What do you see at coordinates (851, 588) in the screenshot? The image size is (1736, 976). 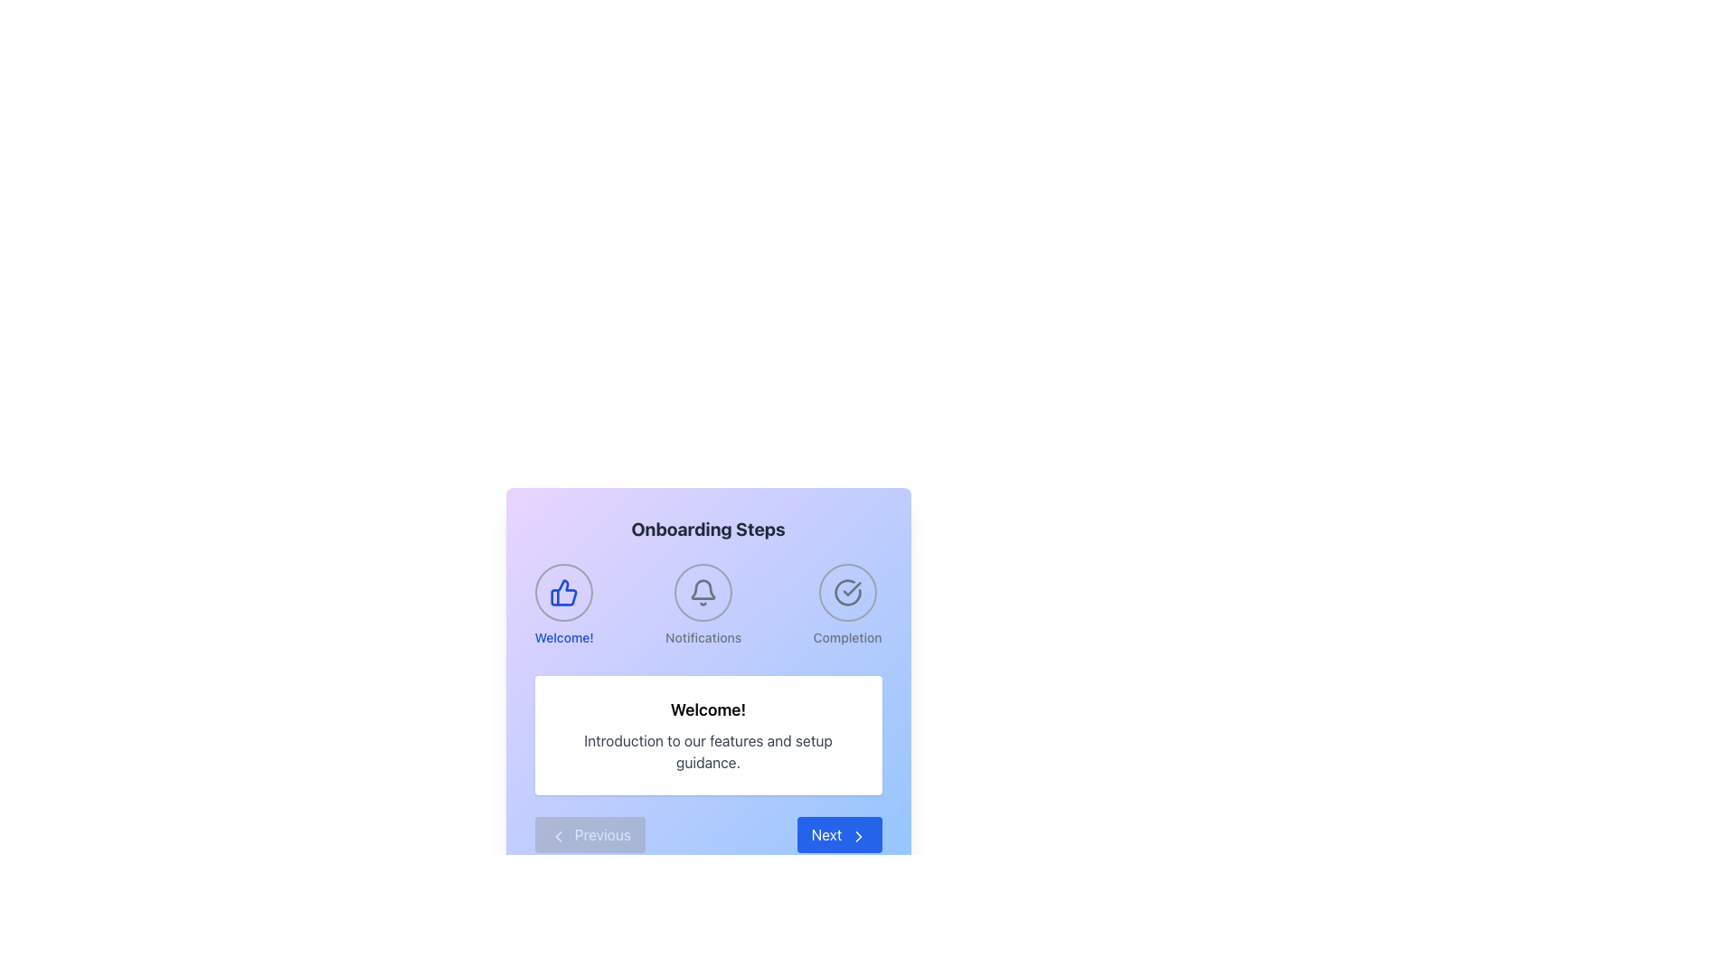 I see `the checkmark icon within the circular 'Completion' symbol in the 'Onboarding Steps' interface` at bounding box center [851, 588].